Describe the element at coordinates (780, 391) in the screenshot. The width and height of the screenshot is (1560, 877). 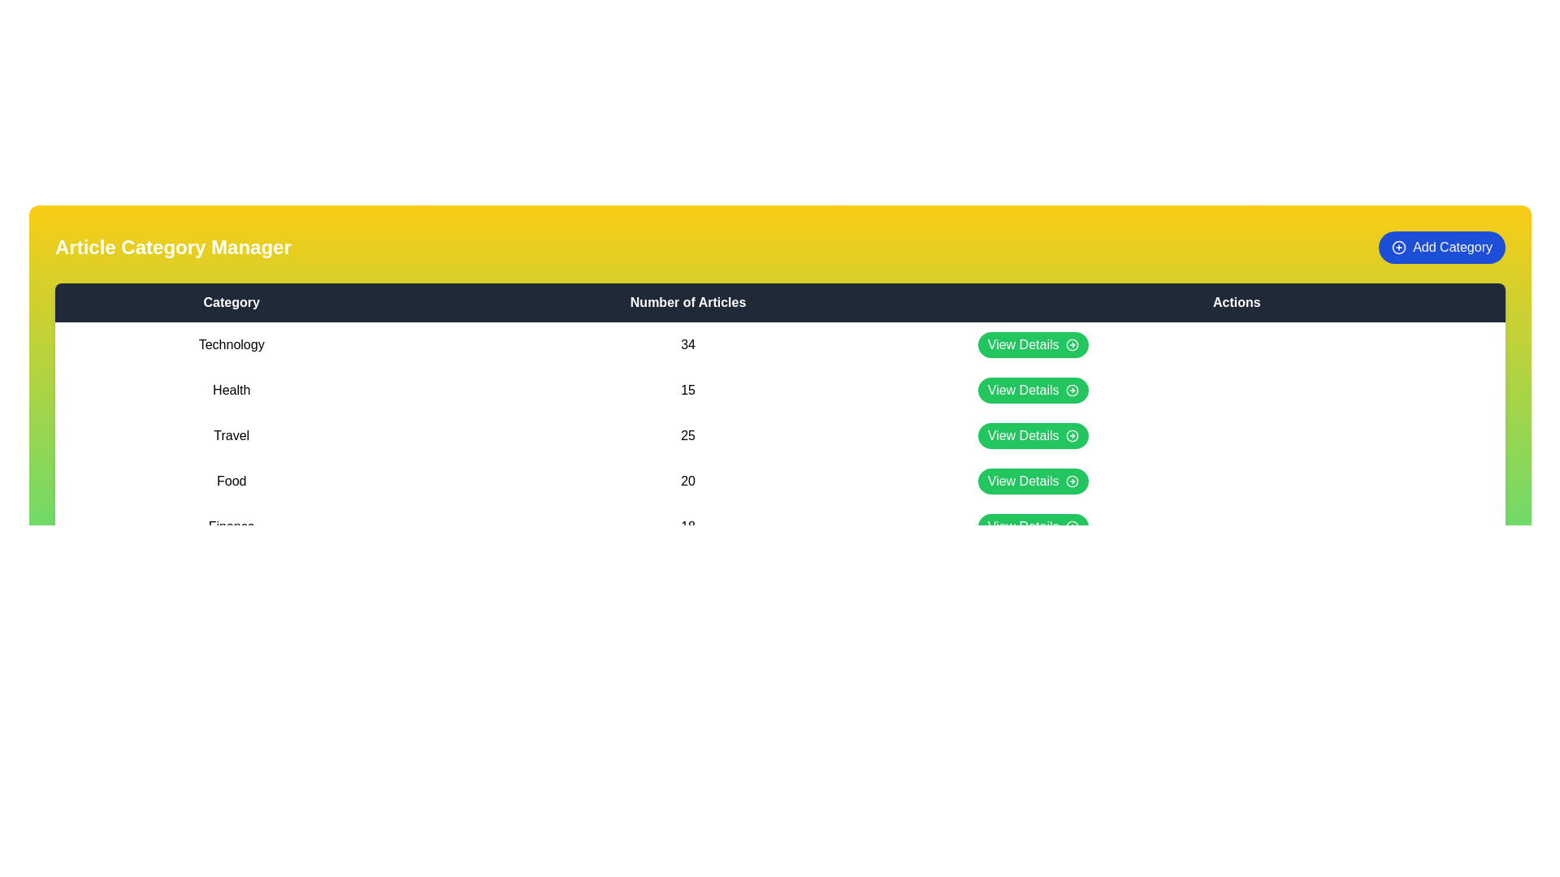
I see `the row corresponding to the category Health` at that location.